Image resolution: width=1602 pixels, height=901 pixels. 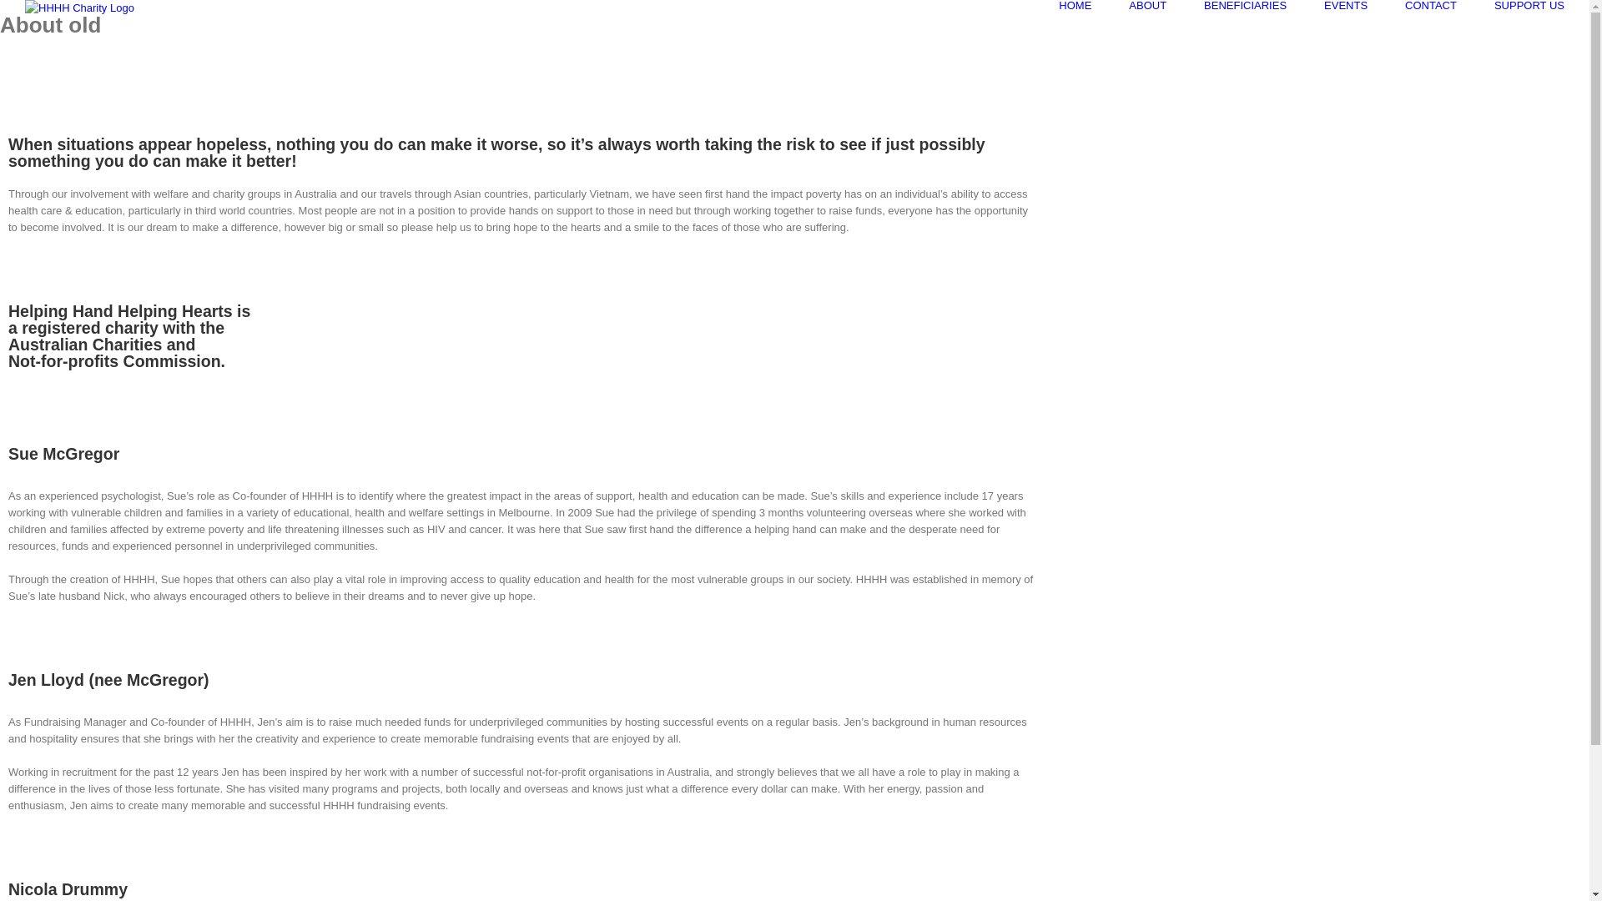 What do you see at coordinates (1529, 5) in the screenshot?
I see `'SUPPORT US'` at bounding box center [1529, 5].